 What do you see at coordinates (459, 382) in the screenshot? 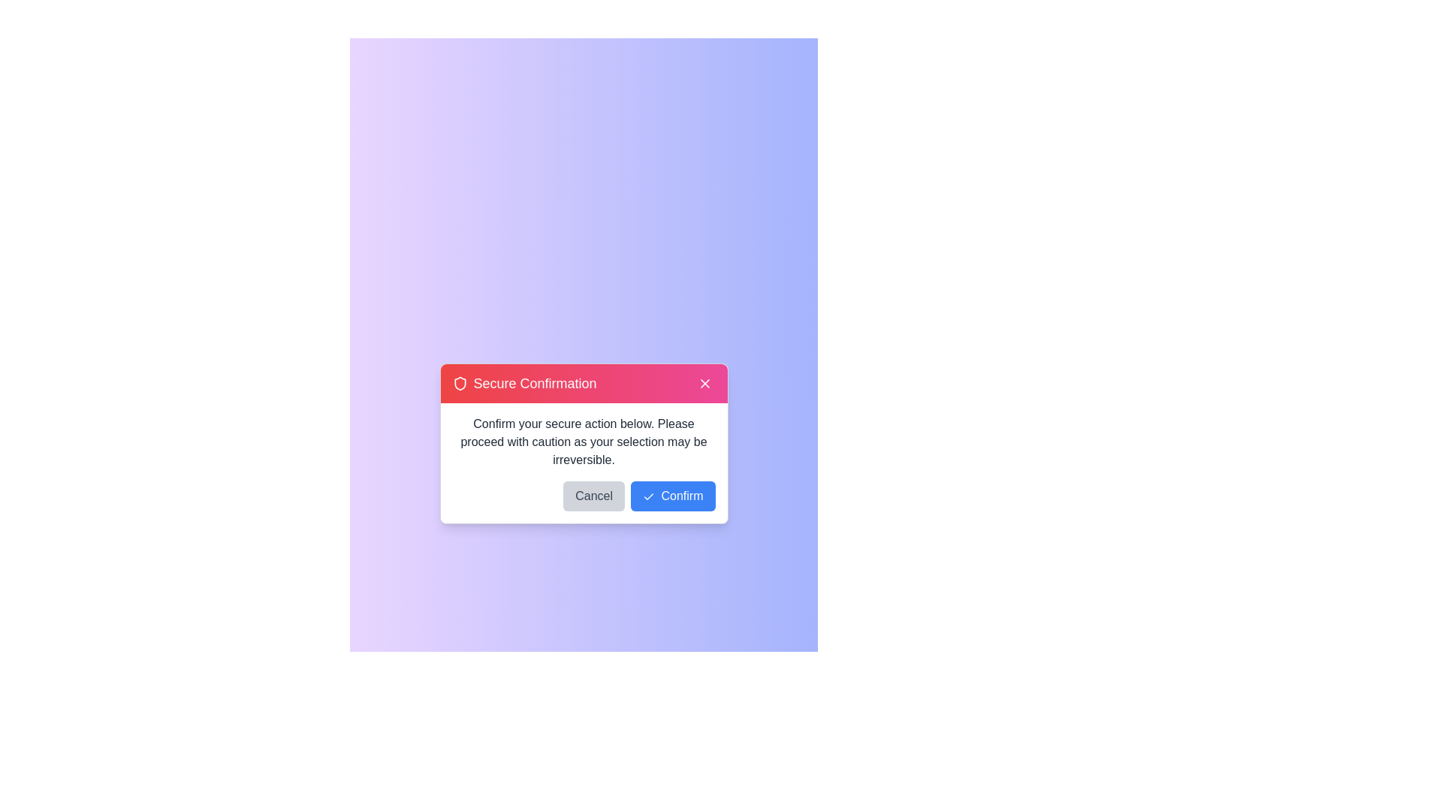
I see `the shield icon located on the leftmost side of the red header bar in the secure confirmation popup, which precedes the text 'Secure Confirmation'` at bounding box center [459, 382].